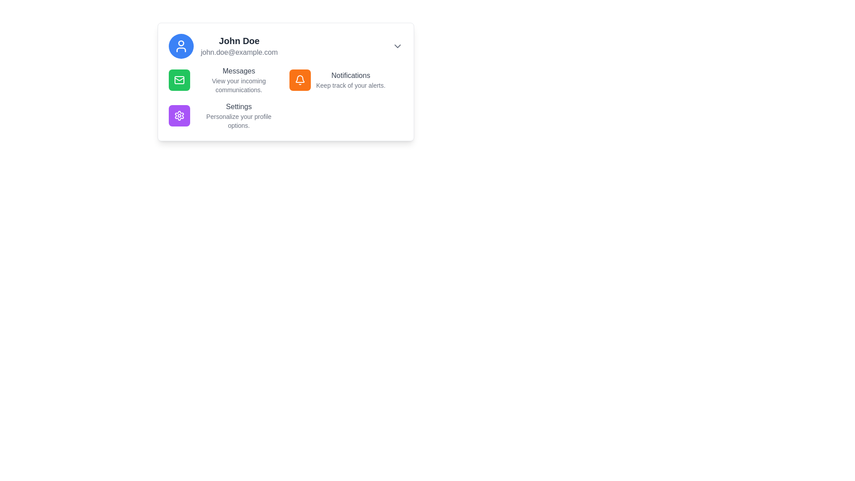  I want to click on information displayed in the Text display showing the user's name and email address, located in the top section of the interface to the right of a blue circular icon, so click(239, 46).